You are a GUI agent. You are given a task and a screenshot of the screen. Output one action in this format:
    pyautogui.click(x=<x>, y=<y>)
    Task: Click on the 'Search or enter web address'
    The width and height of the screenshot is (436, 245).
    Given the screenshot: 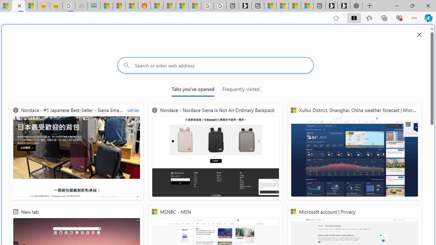 What is the action you would take?
    pyautogui.click(x=215, y=65)
    